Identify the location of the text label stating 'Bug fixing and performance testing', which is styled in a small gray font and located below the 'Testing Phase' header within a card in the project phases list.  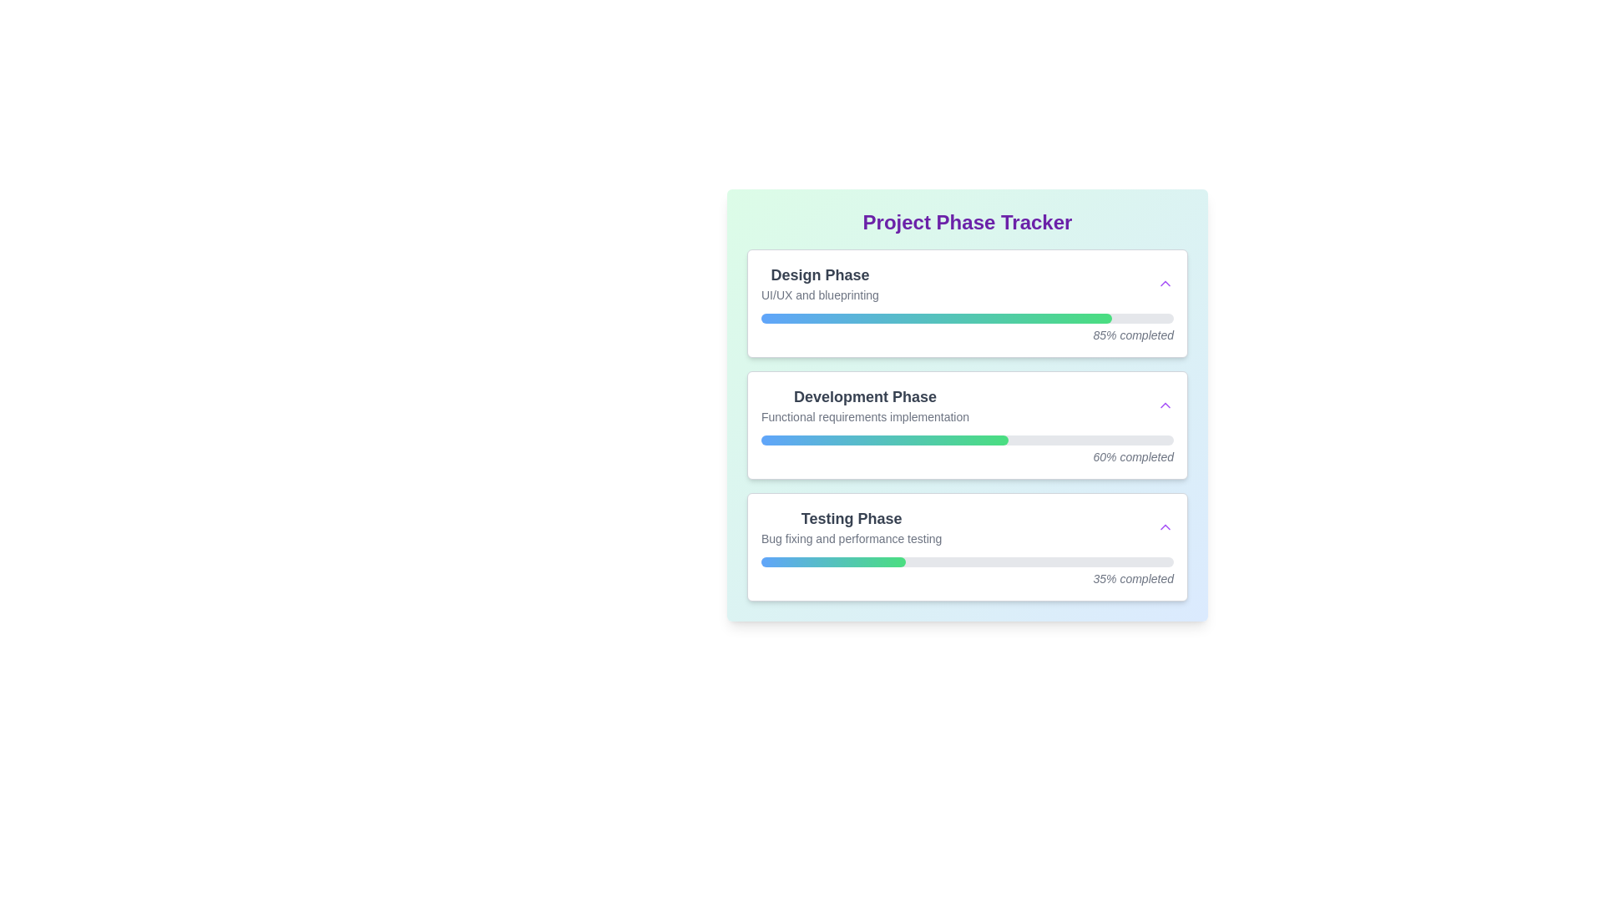
(852, 538).